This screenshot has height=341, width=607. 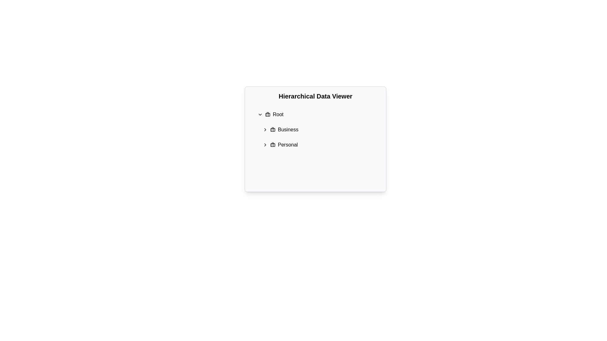 I want to click on the vertical line representing the handle of the briefcase icon, which is aligned with the 'Business' label in the hierarchical list, so click(x=273, y=129).